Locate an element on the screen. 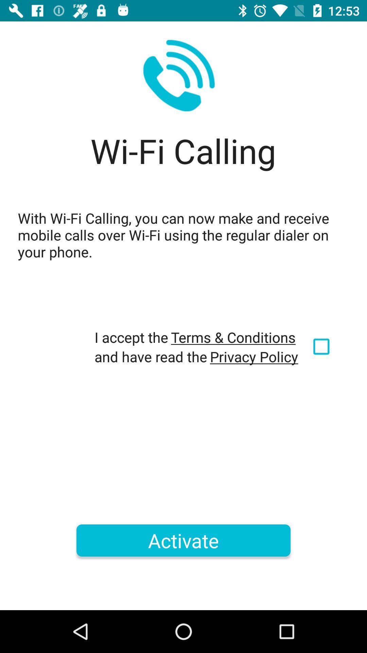 This screenshot has width=367, height=653. icon to the right of privacy policy icon is located at coordinates (322, 347).